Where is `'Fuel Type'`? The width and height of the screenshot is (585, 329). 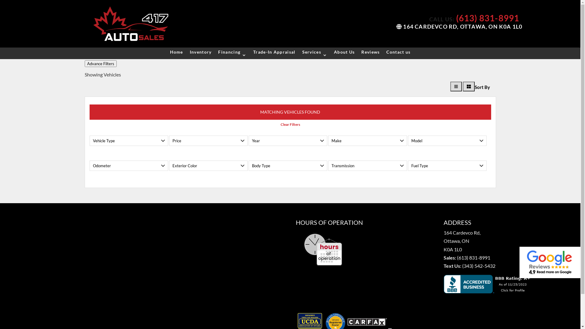
'Fuel Type' is located at coordinates (408, 165).